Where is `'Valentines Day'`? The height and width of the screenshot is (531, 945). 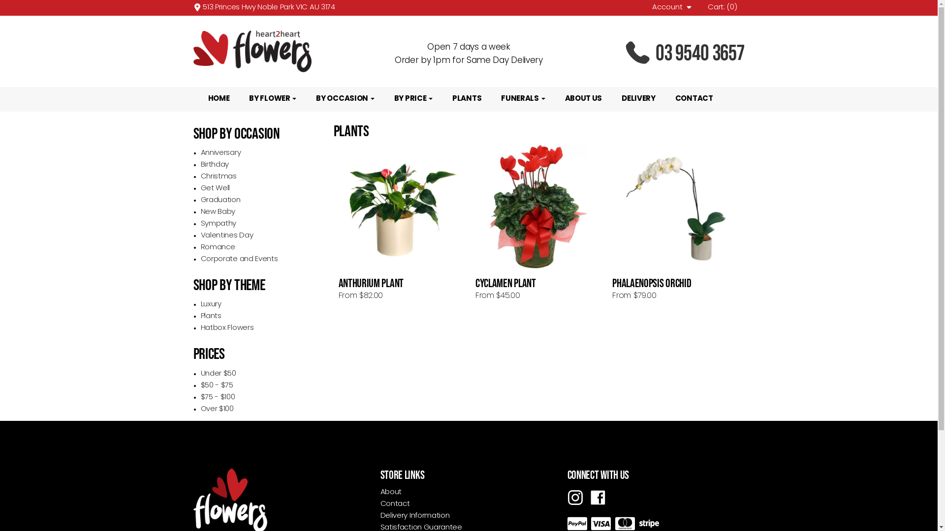 'Valentines Day' is located at coordinates (226, 236).